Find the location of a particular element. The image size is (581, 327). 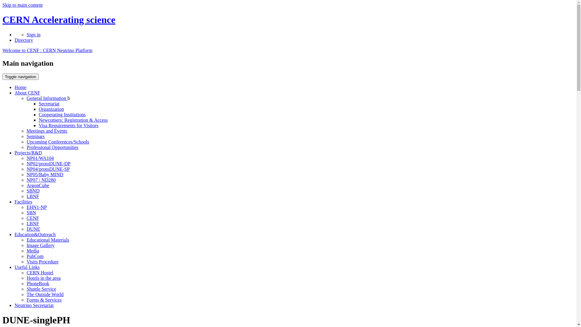

'The Outside World' is located at coordinates (44, 294).